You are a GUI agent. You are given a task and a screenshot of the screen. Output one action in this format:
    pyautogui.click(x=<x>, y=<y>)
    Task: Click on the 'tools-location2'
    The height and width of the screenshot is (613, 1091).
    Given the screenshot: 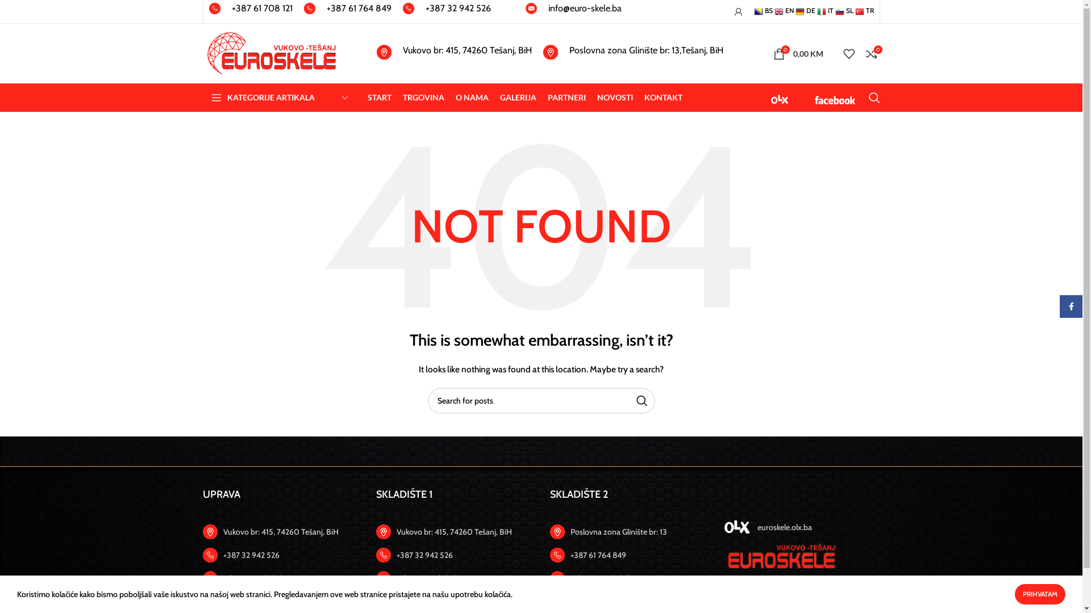 What is the action you would take?
    pyautogui.click(x=384, y=532)
    